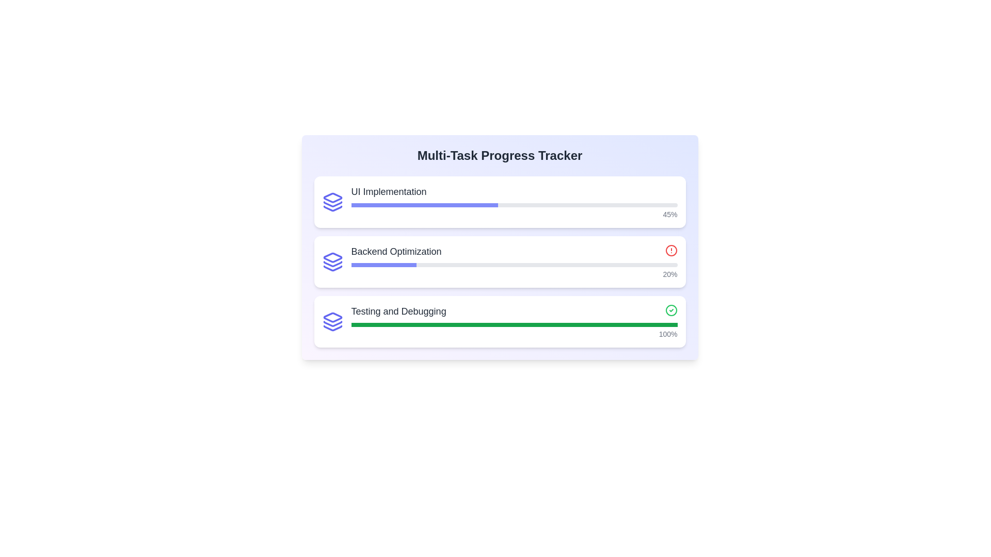 The image size is (991, 557). Describe the element at coordinates (671, 309) in the screenshot. I see `SVG graphic element representing the completion of the 'Testing and Debugging' task, located at the right end of the progress bar in the third task row` at that location.